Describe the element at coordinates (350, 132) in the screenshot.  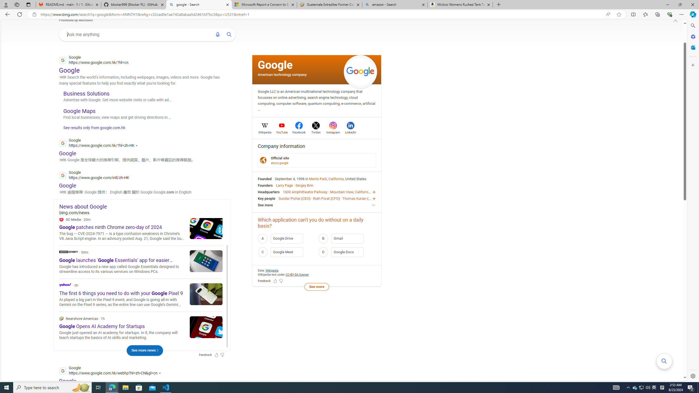
I see `'LinkedIn'` at that location.